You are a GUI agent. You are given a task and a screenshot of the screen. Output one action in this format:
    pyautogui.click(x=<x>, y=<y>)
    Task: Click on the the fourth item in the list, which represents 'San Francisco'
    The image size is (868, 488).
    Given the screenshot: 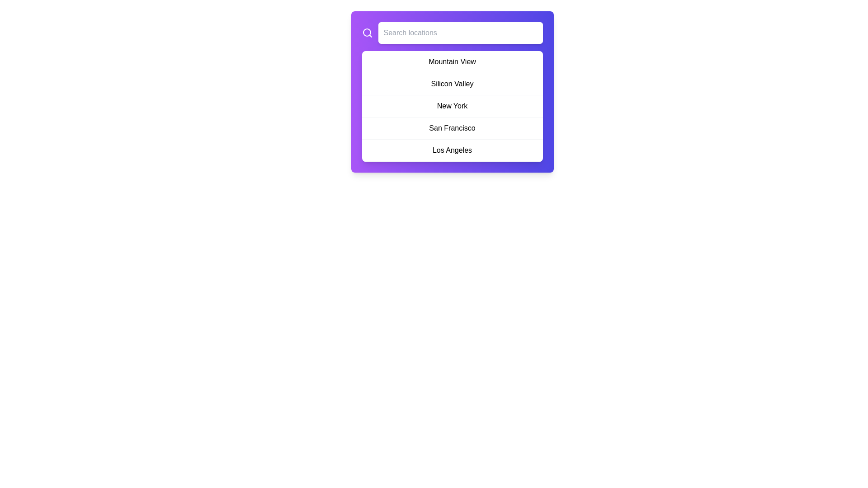 What is the action you would take?
    pyautogui.click(x=452, y=128)
    